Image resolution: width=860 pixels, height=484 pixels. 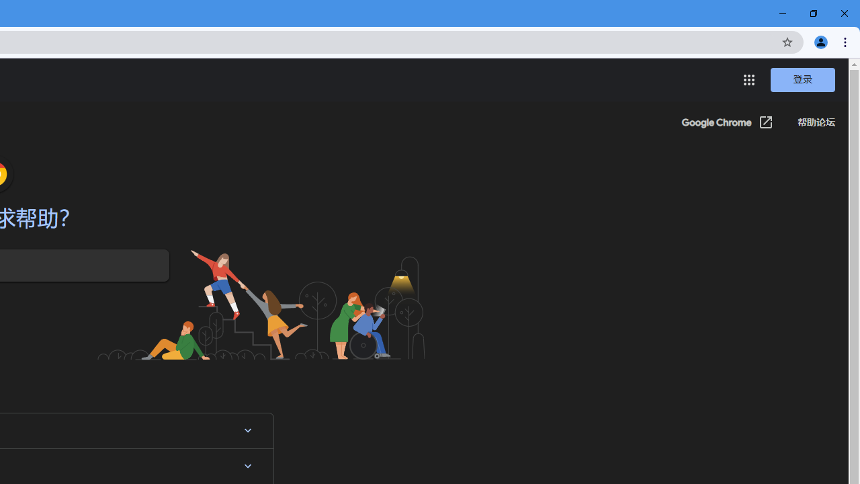 I want to click on 'You', so click(x=820, y=41).